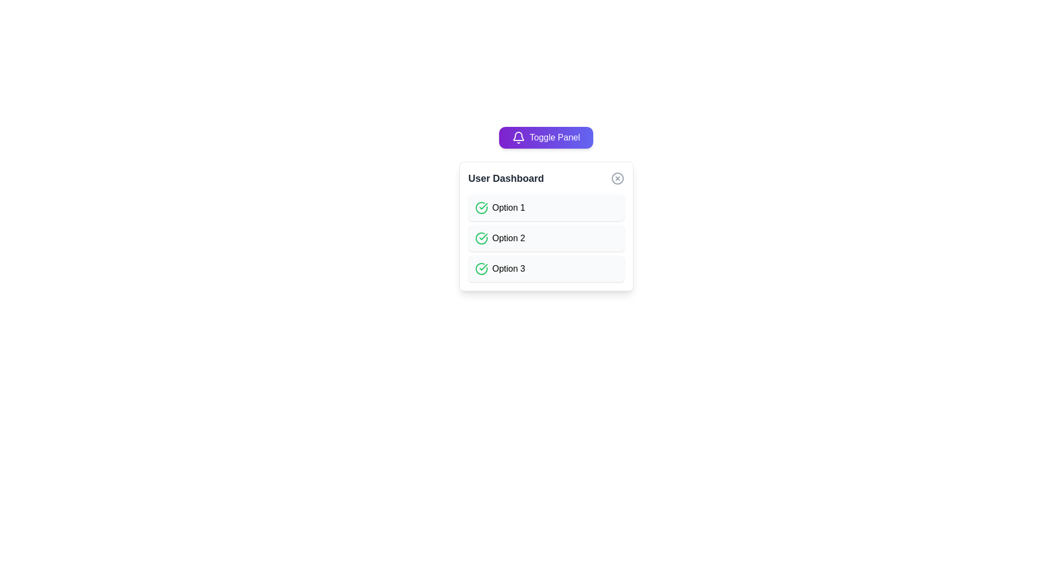 The width and height of the screenshot is (1045, 588). Describe the element at coordinates (483, 267) in the screenshot. I see `the green checkmark icon indicating success in the third row of the options list in the 'User Dashboard'` at that location.